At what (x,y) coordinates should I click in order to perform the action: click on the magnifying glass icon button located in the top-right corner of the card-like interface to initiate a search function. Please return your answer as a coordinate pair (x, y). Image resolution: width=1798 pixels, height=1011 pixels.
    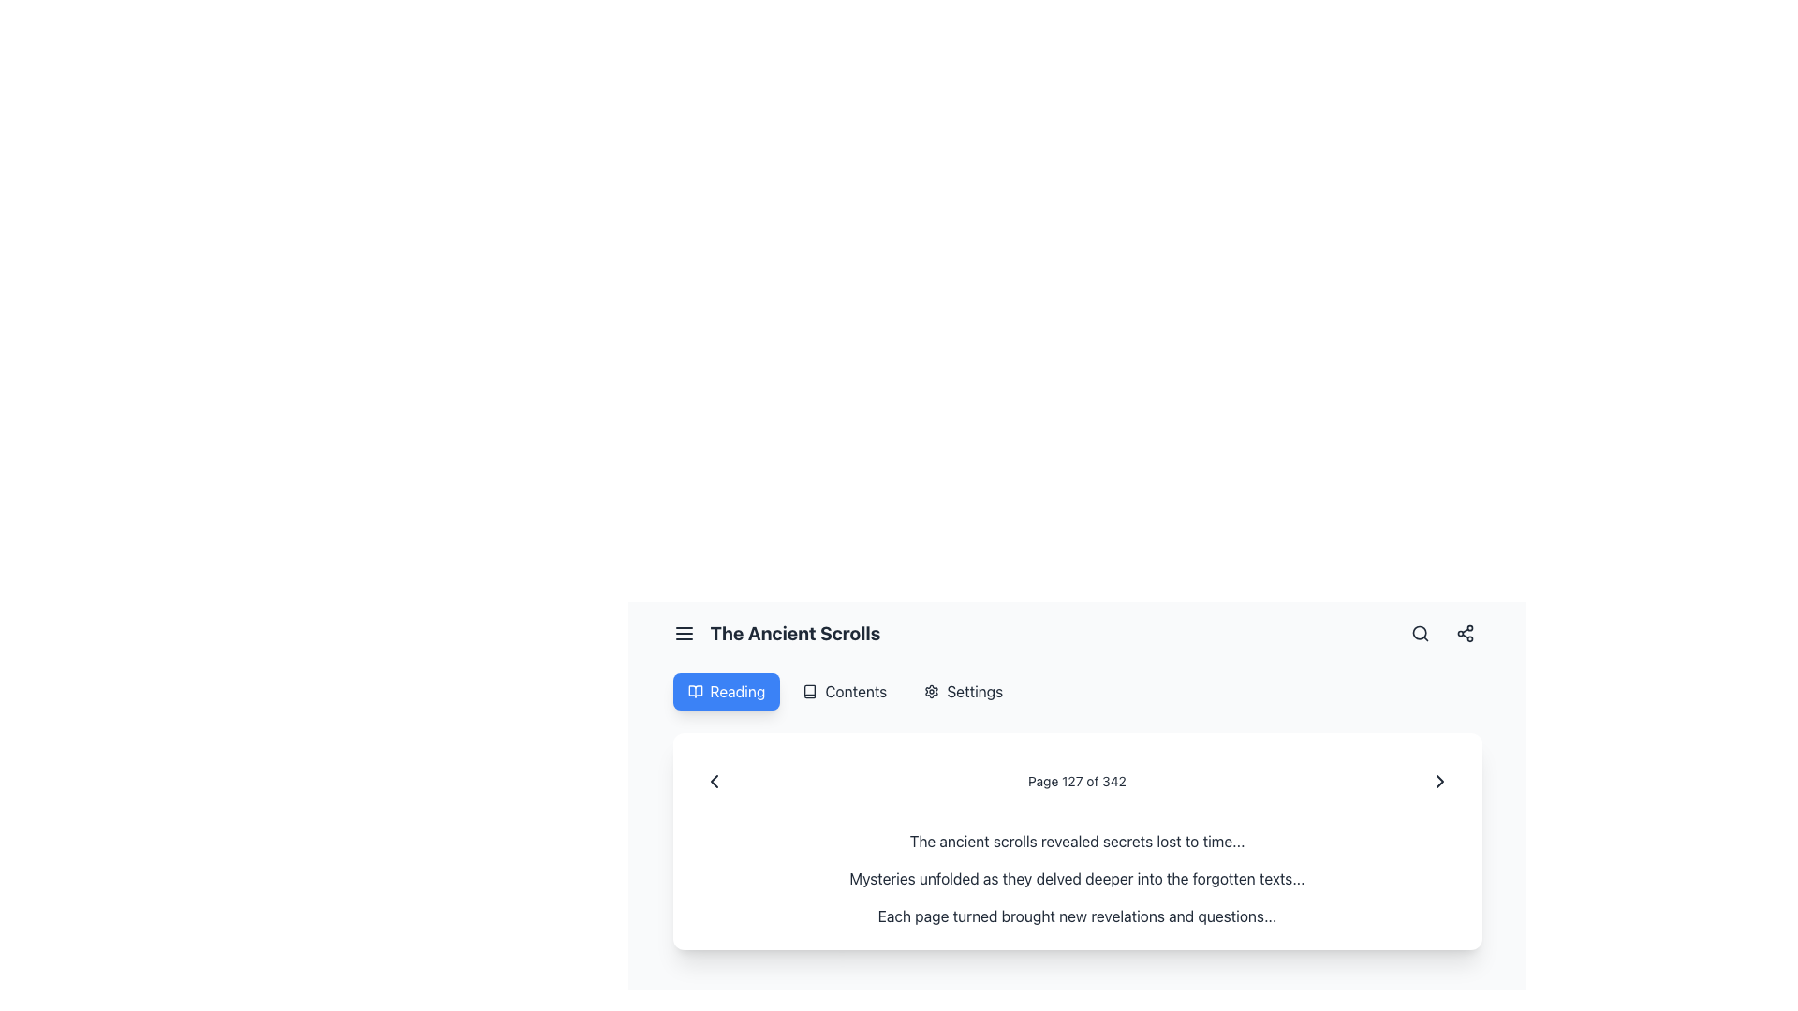
    Looking at the image, I should click on (1420, 633).